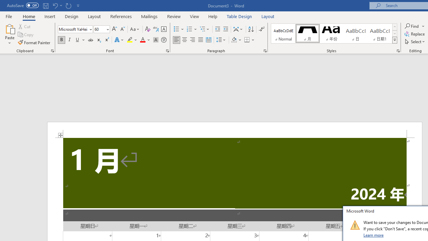 This screenshot has width=428, height=241. What do you see at coordinates (415, 42) in the screenshot?
I see `'Select'` at bounding box center [415, 42].